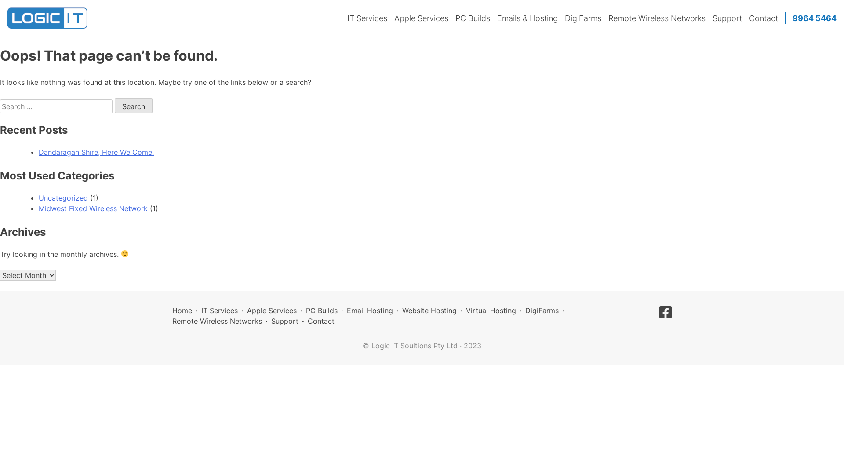  I want to click on 'Uncategorized', so click(63, 198).